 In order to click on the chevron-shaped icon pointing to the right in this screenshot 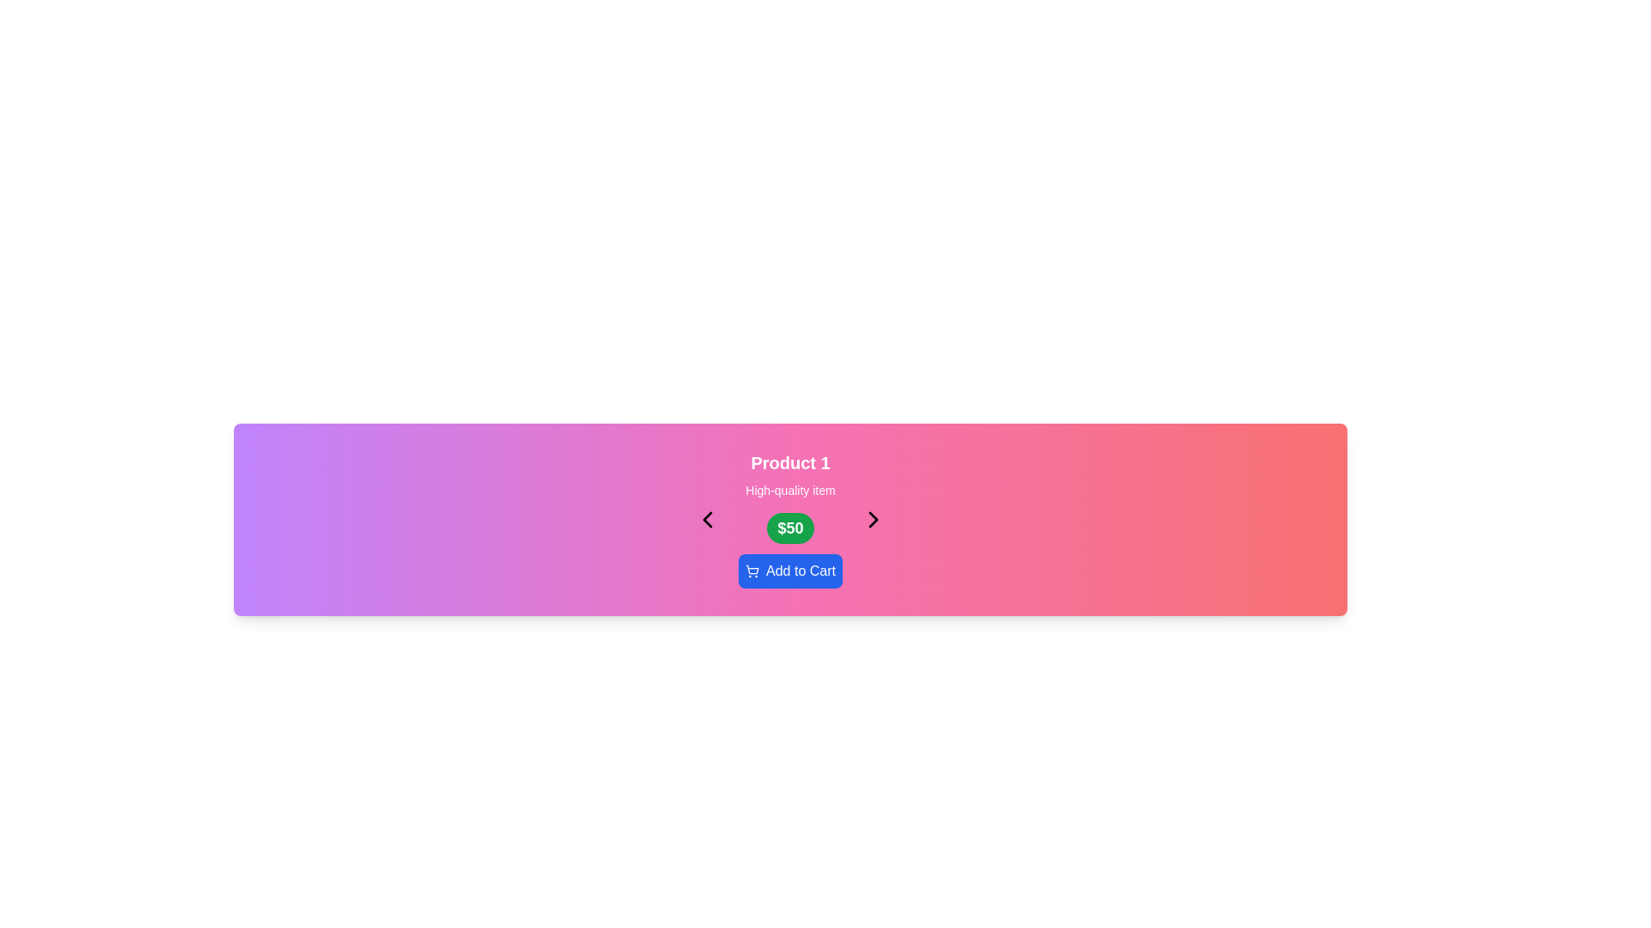, I will do `click(874, 519)`.